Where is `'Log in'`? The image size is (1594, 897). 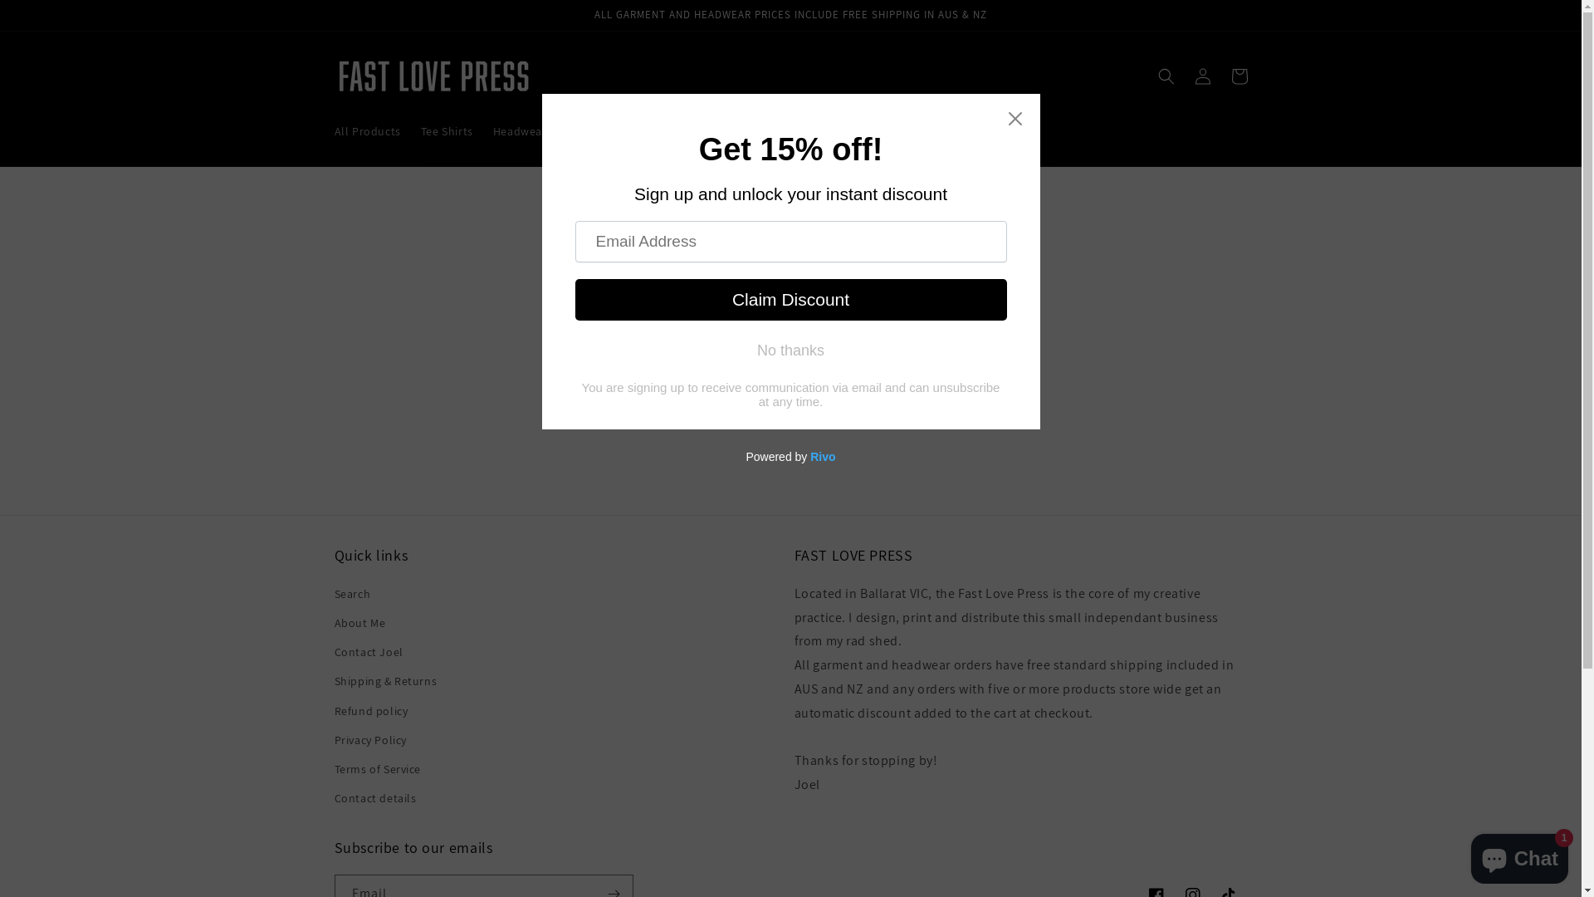 'Log in' is located at coordinates (1202, 76).